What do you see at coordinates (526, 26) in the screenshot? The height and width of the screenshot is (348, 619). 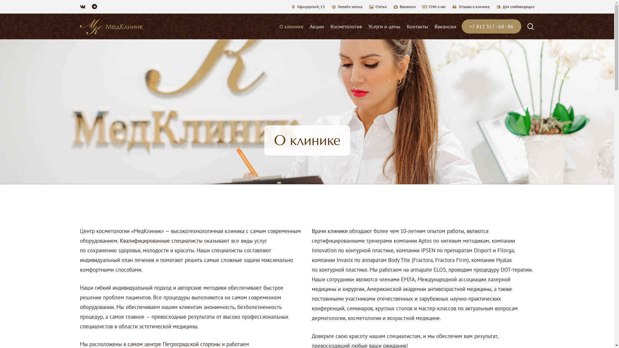 I see `'search'` at bounding box center [526, 26].